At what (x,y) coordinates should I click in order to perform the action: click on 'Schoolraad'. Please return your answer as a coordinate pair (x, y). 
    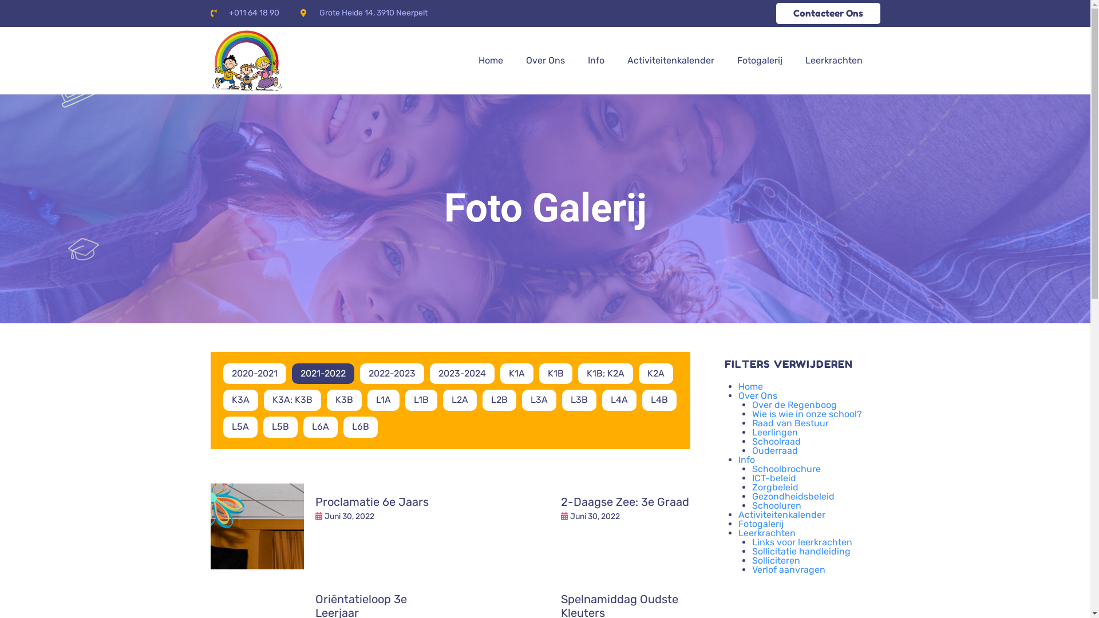
    Looking at the image, I should click on (752, 441).